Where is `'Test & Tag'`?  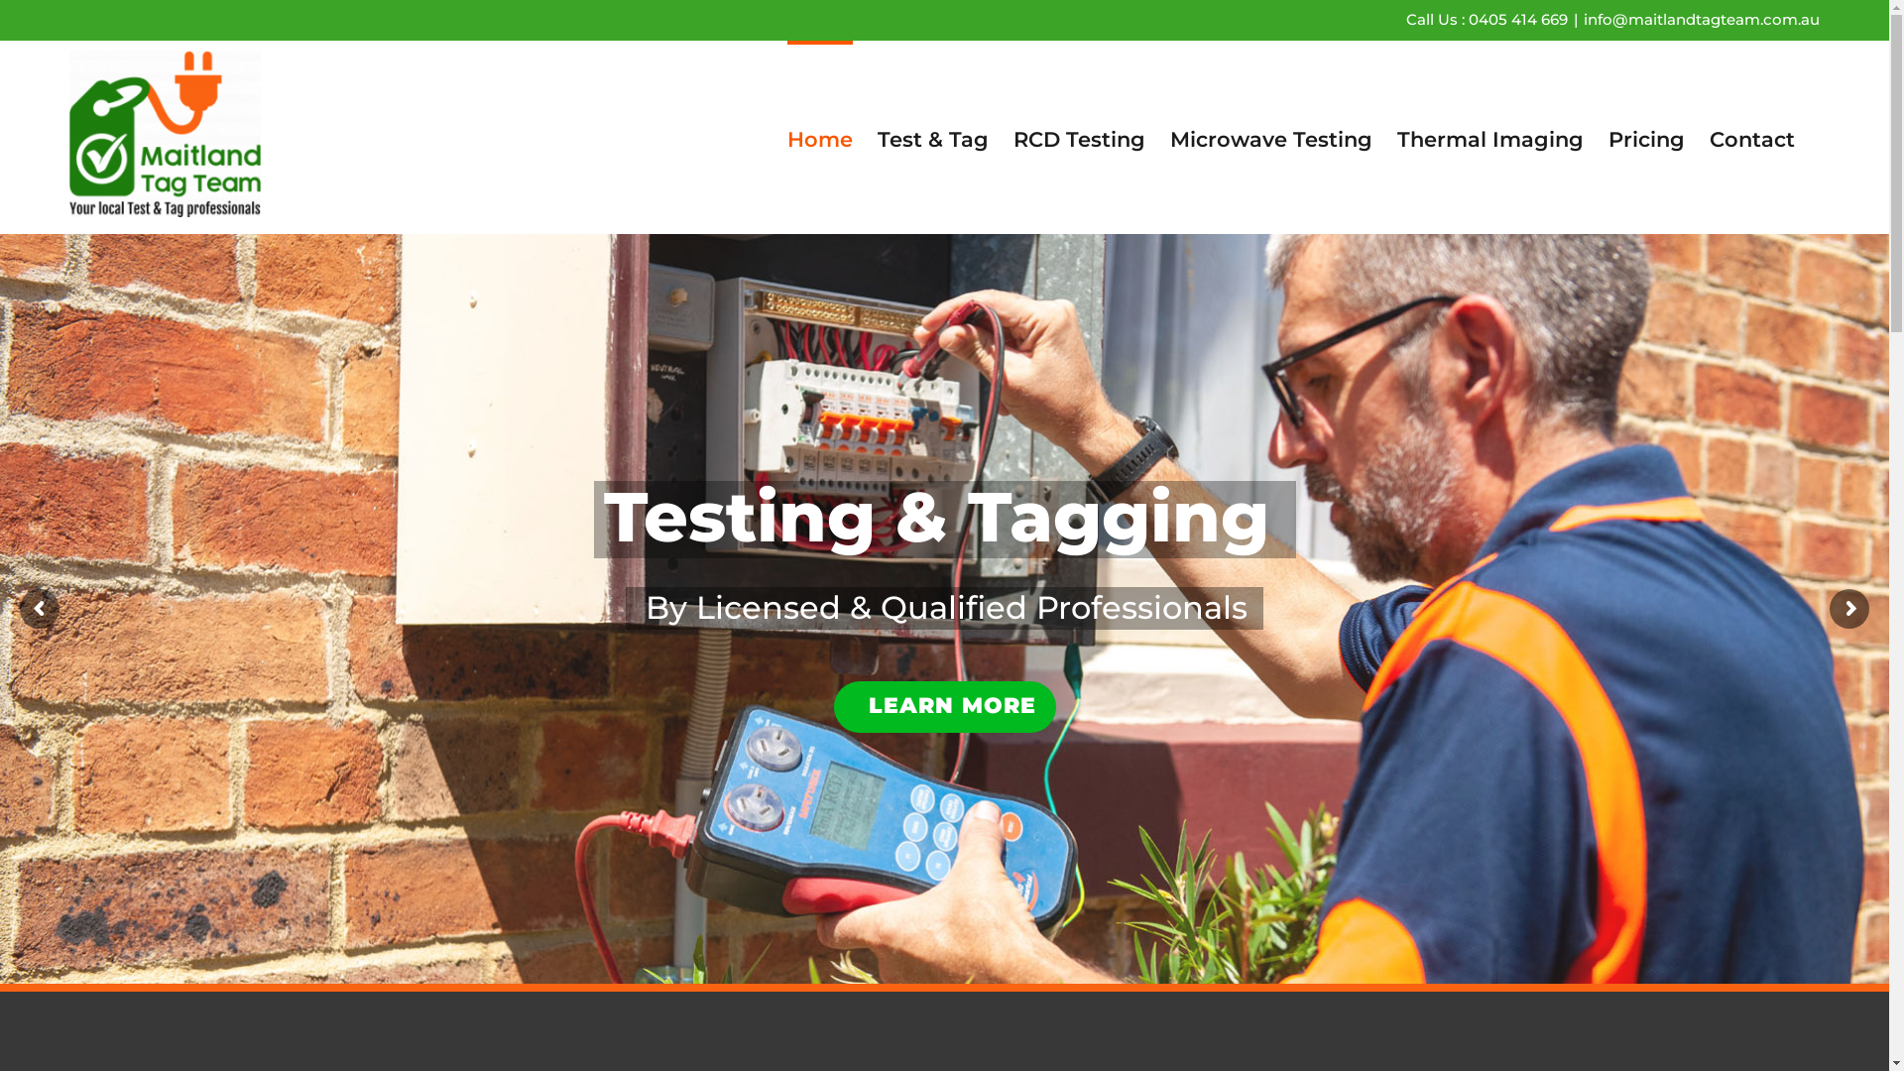
'Test & Tag' is located at coordinates (931, 136).